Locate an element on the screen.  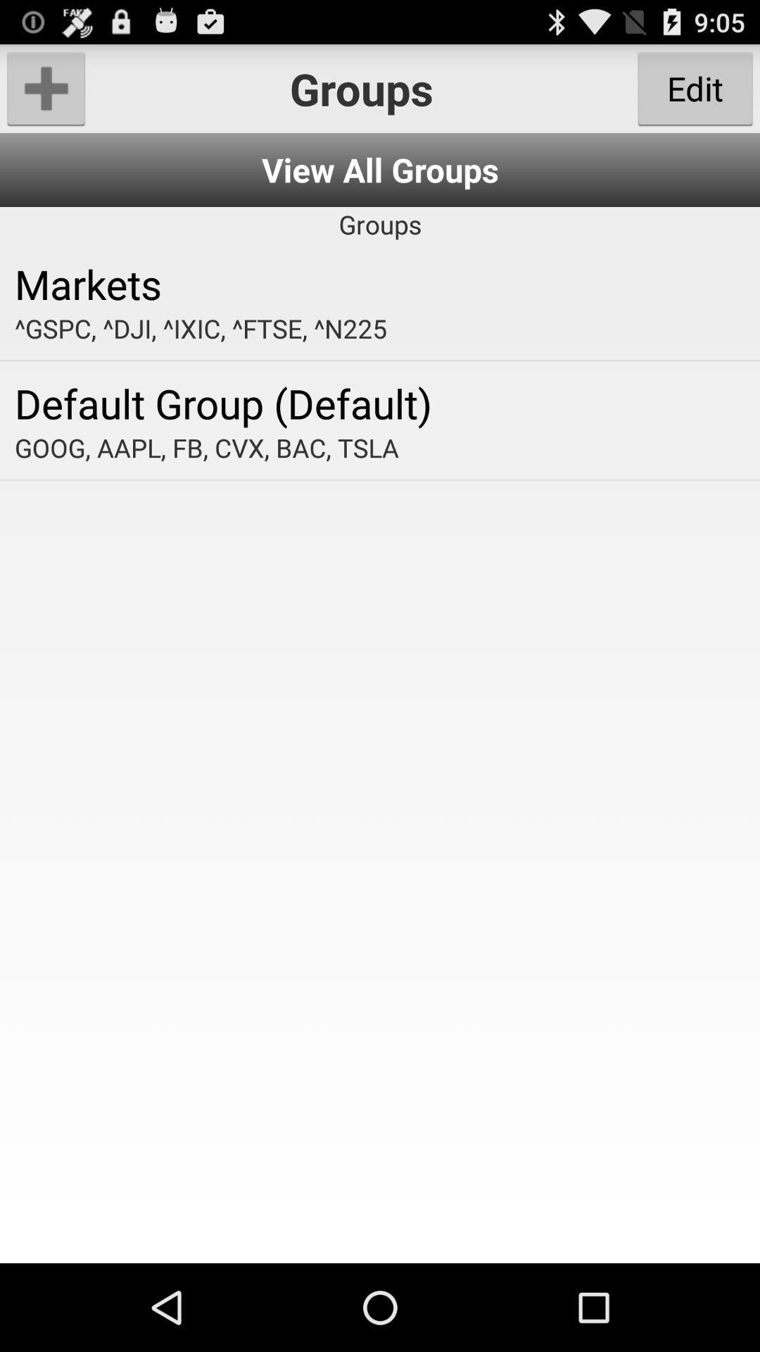
the app above the groups is located at coordinates (380, 169).